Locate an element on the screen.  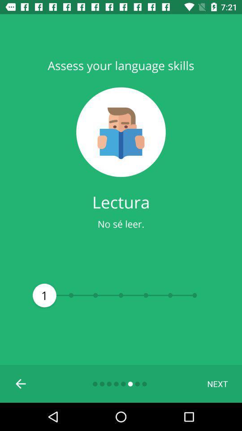
previous is located at coordinates (21, 383).